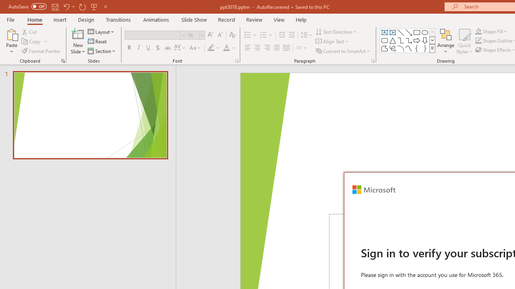  I want to click on 'Paragraph...', so click(372, 60).